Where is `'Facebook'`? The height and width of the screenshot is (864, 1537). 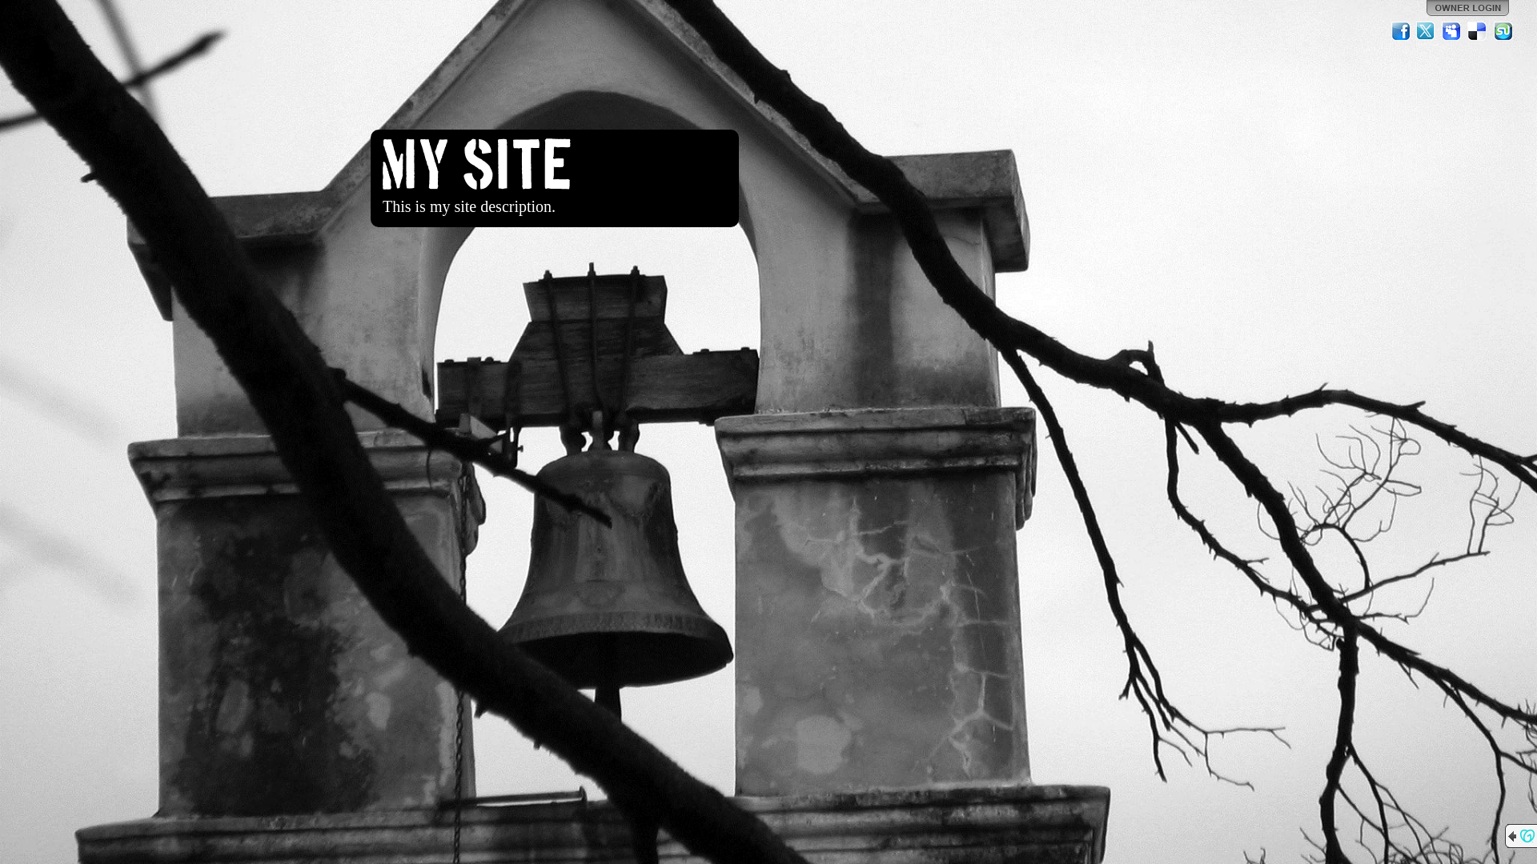 'Facebook' is located at coordinates (1389, 30).